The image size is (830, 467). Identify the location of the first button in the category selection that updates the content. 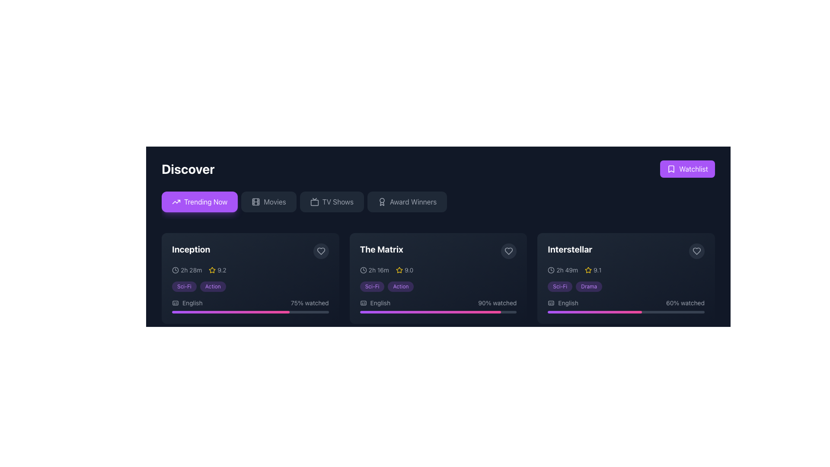
(199, 202).